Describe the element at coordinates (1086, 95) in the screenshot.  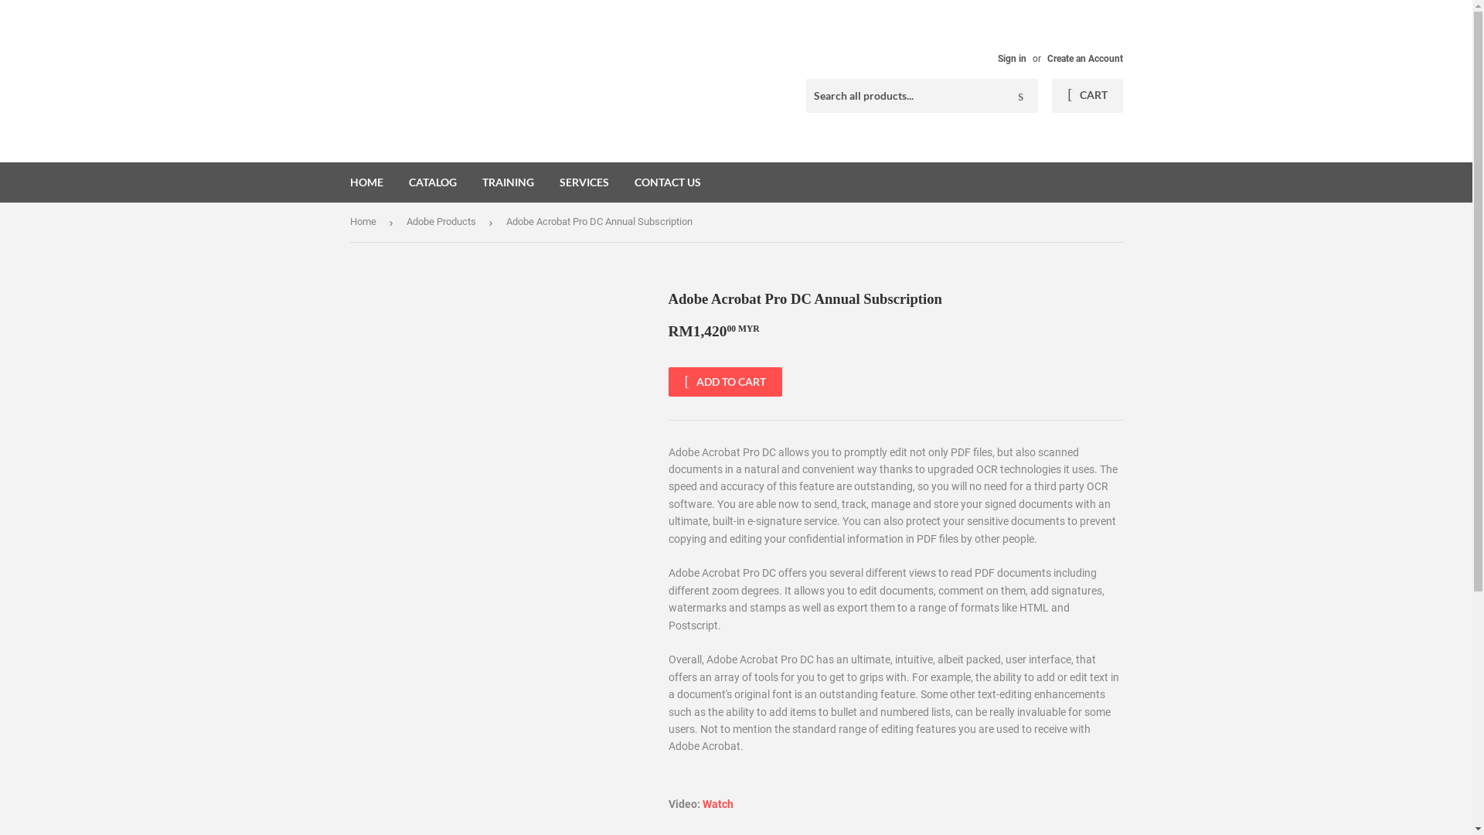
I see `'CART'` at that location.